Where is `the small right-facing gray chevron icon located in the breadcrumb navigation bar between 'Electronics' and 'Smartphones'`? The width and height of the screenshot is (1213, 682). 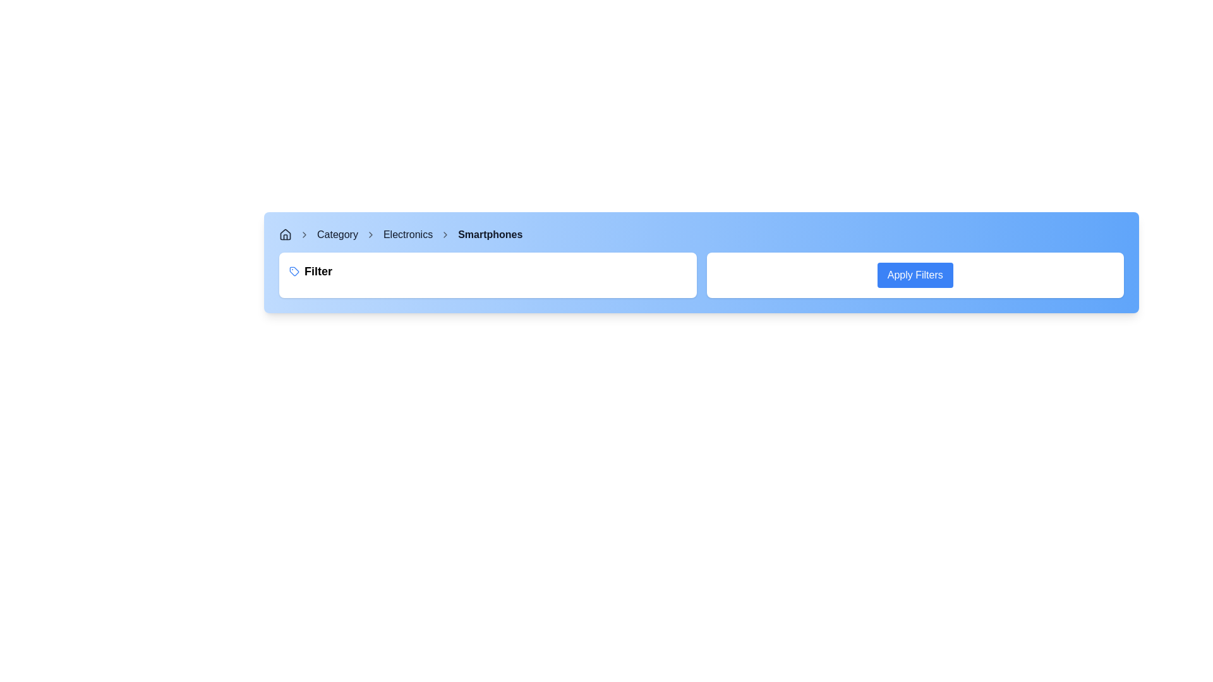
the small right-facing gray chevron icon located in the breadcrumb navigation bar between 'Electronics' and 'Smartphones' is located at coordinates (445, 234).